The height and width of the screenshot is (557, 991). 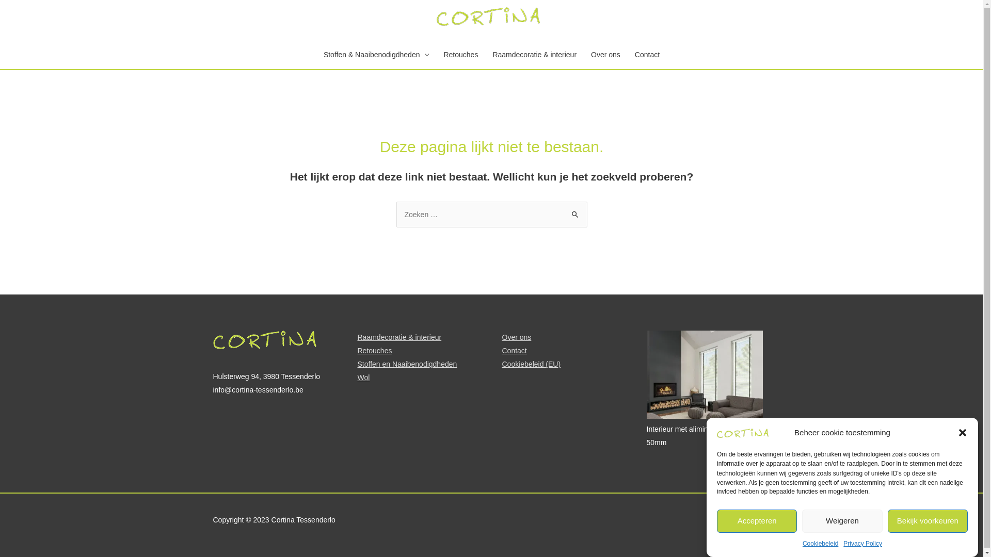 I want to click on 'Contact', so click(x=514, y=350).